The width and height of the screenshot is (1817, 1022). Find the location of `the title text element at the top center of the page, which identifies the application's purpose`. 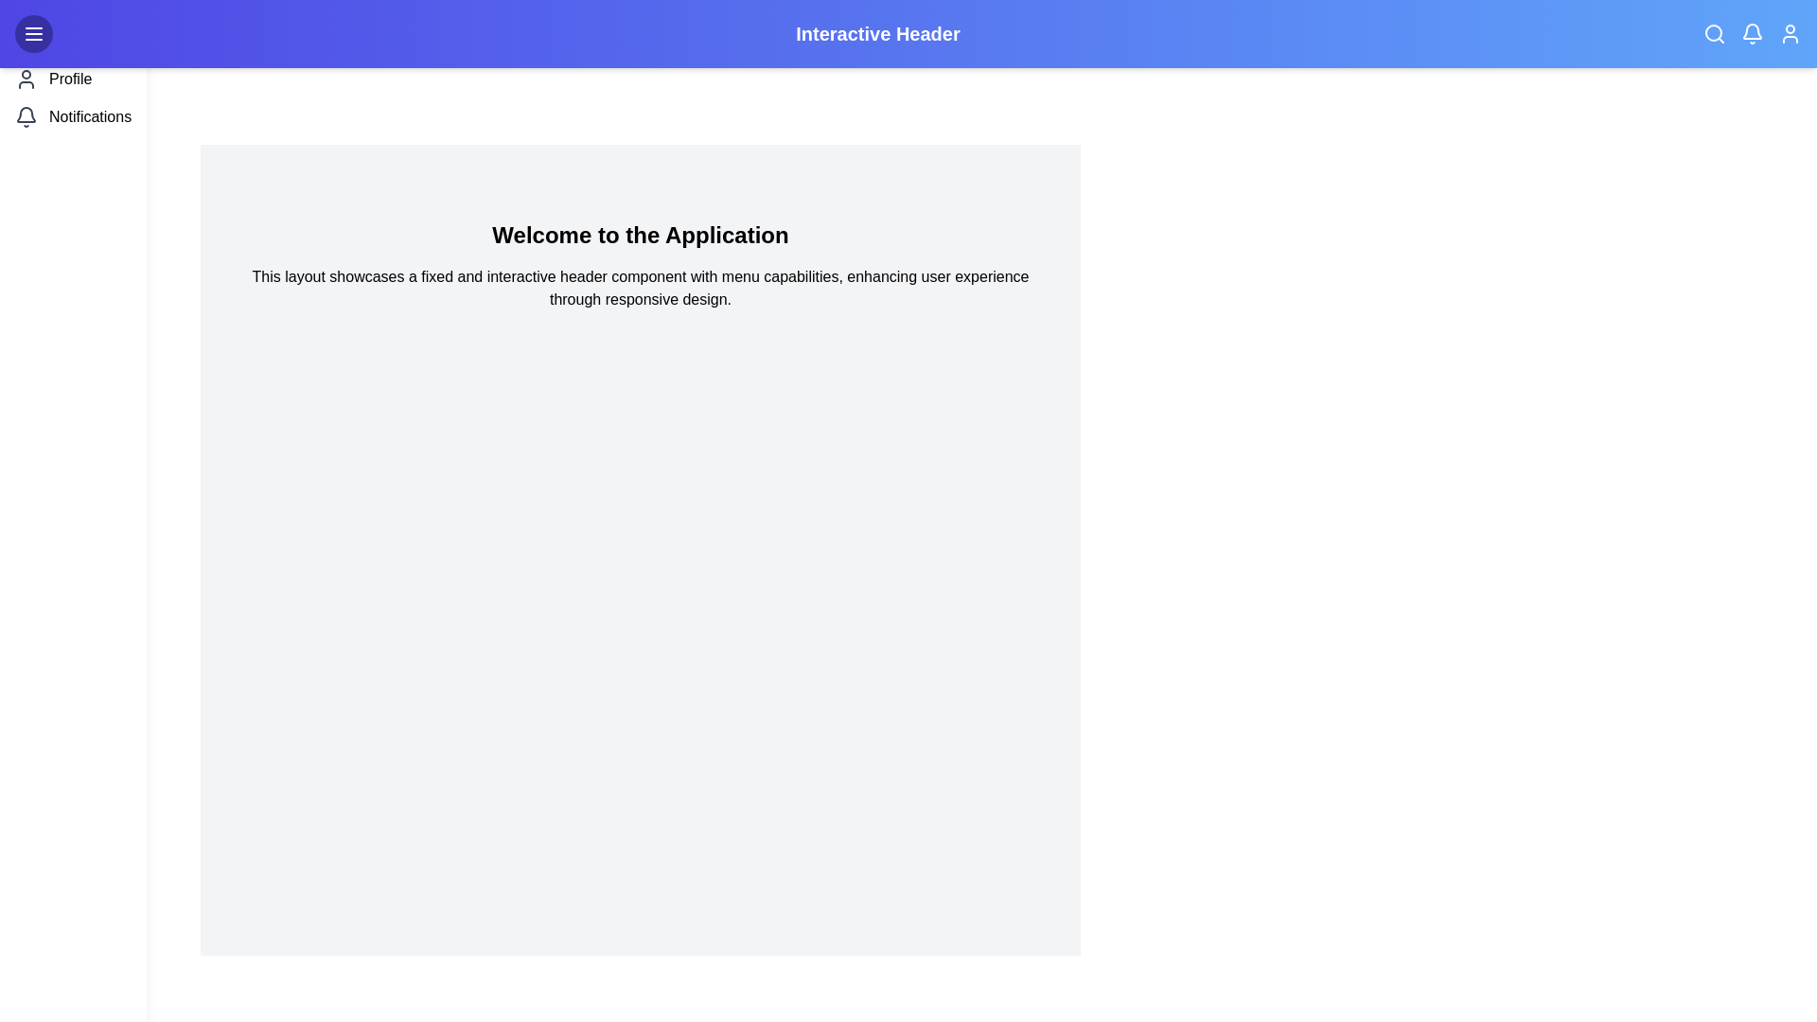

the title text element at the top center of the page, which identifies the application's purpose is located at coordinates (876, 33).